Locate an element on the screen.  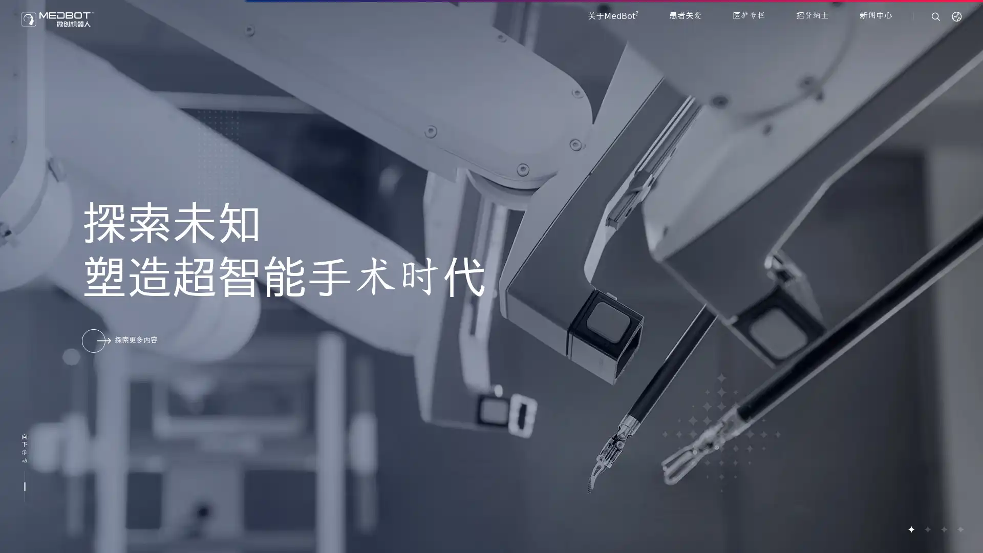
Go to slide 2 is located at coordinates (927, 529).